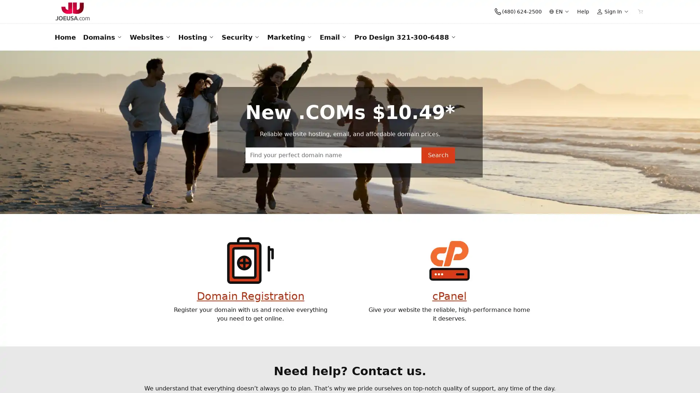 The image size is (700, 393). Describe the element at coordinates (551, 376) in the screenshot. I see `Decline` at that location.